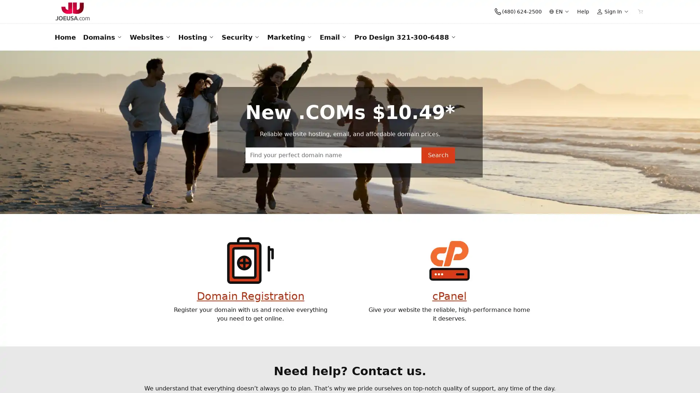 The image size is (700, 393). Describe the element at coordinates (551, 376) in the screenshot. I see `Decline` at that location.